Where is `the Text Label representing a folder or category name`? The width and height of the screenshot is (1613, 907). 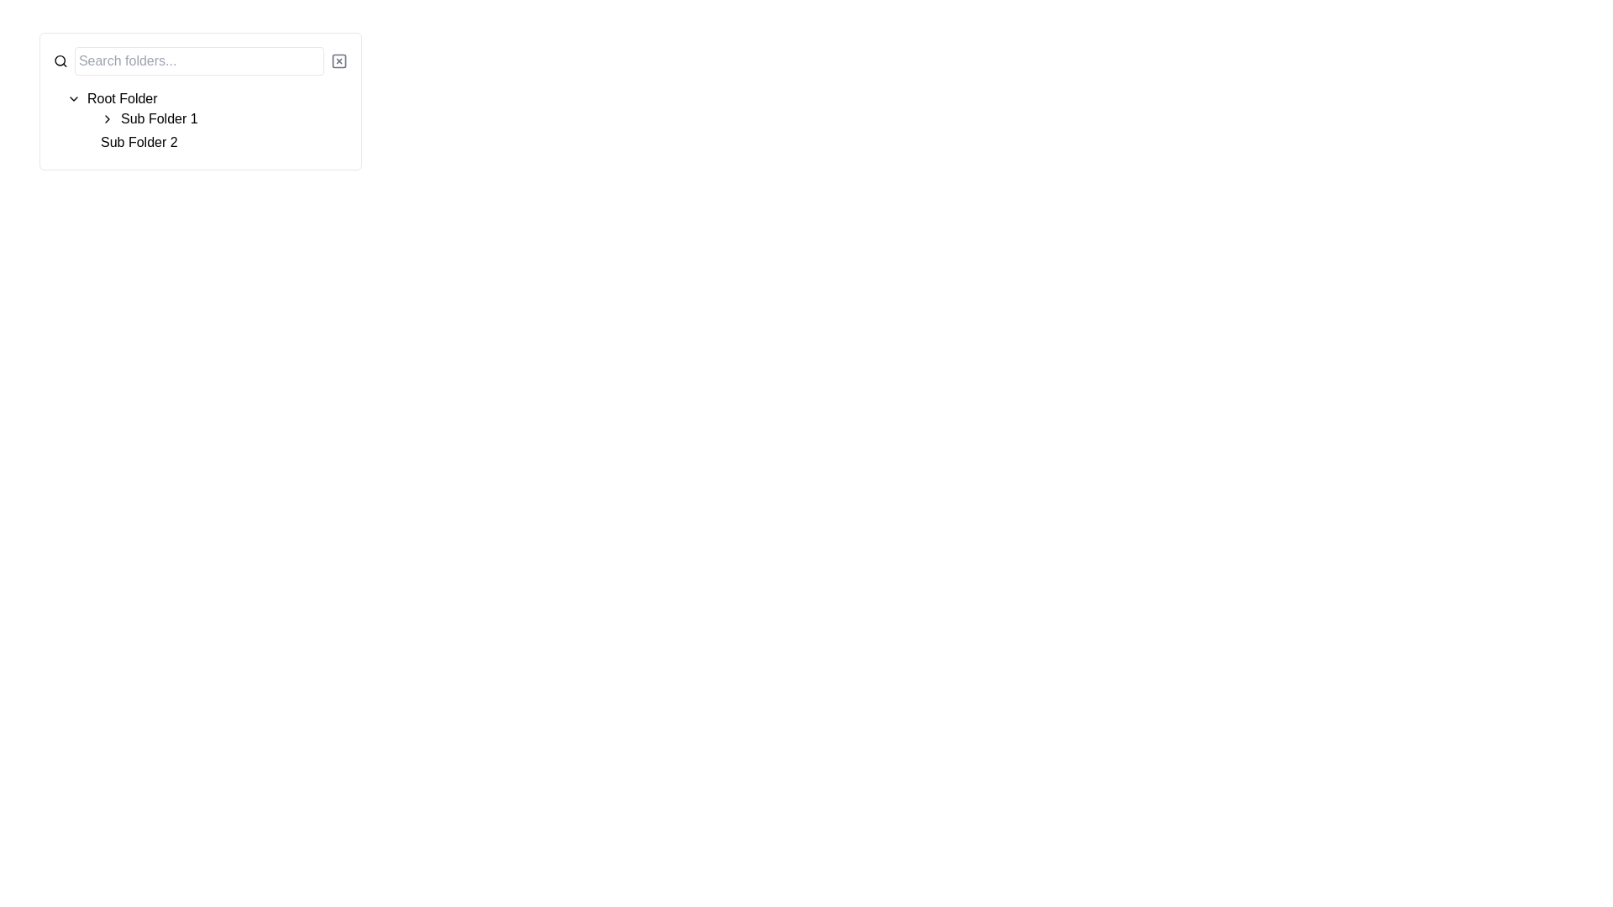 the Text Label representing a folder or category name is located at coordinates (139, 141).